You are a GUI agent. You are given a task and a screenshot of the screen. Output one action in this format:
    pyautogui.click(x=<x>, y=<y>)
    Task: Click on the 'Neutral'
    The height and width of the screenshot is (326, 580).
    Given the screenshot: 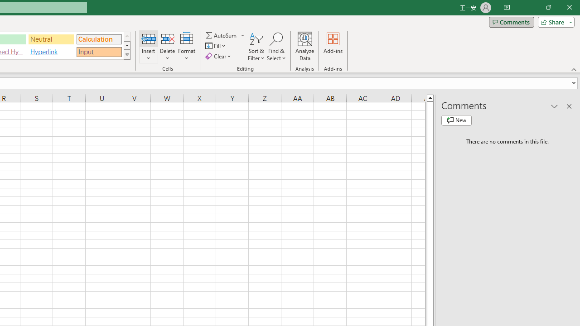 What is the action you would take?
    pyautogui.click(x=51, y=38)
    